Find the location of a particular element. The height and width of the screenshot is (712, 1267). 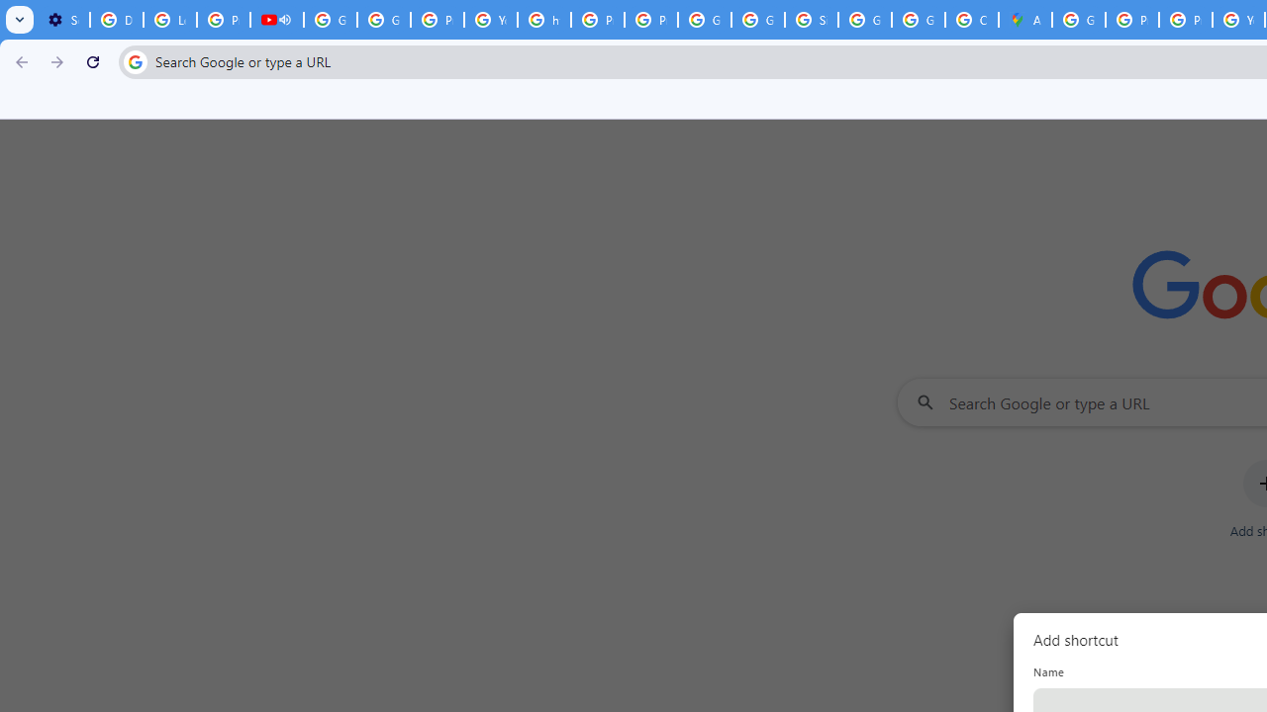

'Settings - Performance' is located at coordinates (63, 20).